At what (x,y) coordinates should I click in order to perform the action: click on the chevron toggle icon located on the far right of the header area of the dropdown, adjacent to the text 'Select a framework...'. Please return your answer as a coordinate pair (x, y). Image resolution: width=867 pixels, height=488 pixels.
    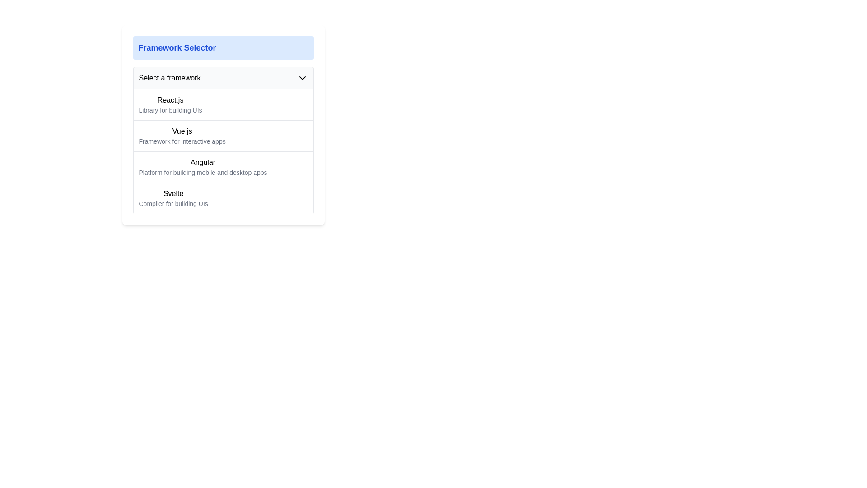
    Looking at the image, I should click on (302, 78).